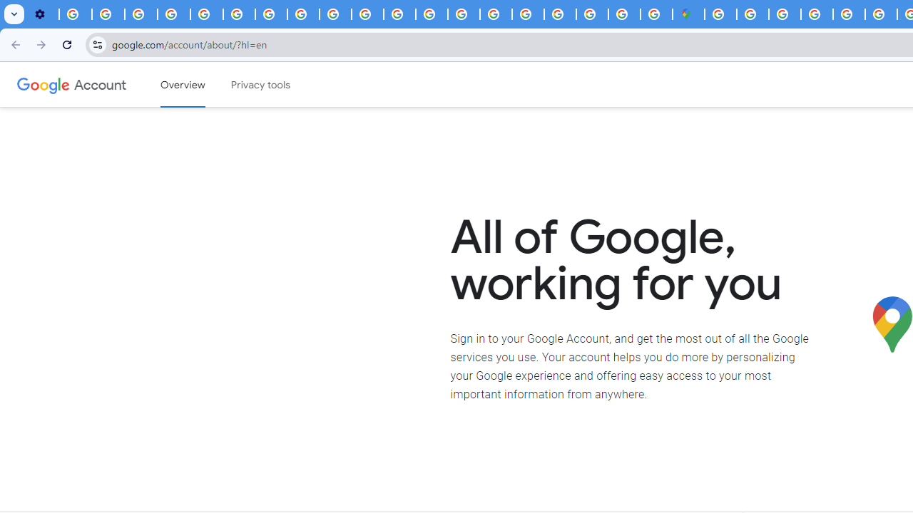  What do you see at coordinates (367, 14) in the screenshot?
I see `'Privacy Checkup'` at bounding box center [367, 14].